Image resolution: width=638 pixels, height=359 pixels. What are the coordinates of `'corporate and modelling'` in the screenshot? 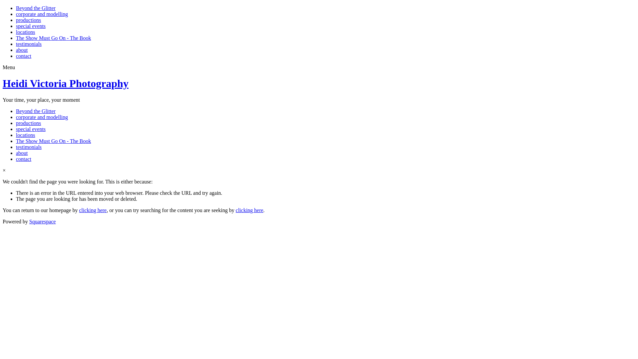 It's located at (16, 14).